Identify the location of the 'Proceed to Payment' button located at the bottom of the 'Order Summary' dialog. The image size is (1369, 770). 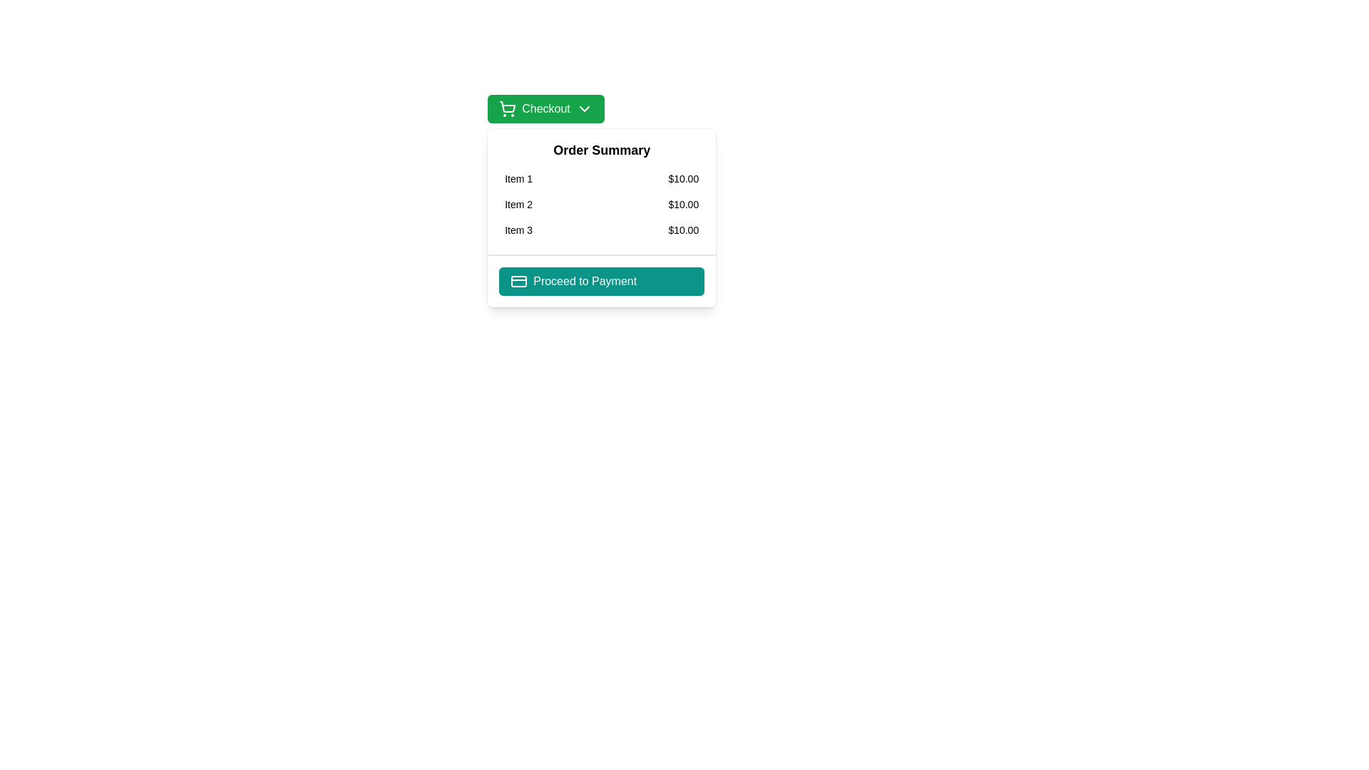
(602, 281).